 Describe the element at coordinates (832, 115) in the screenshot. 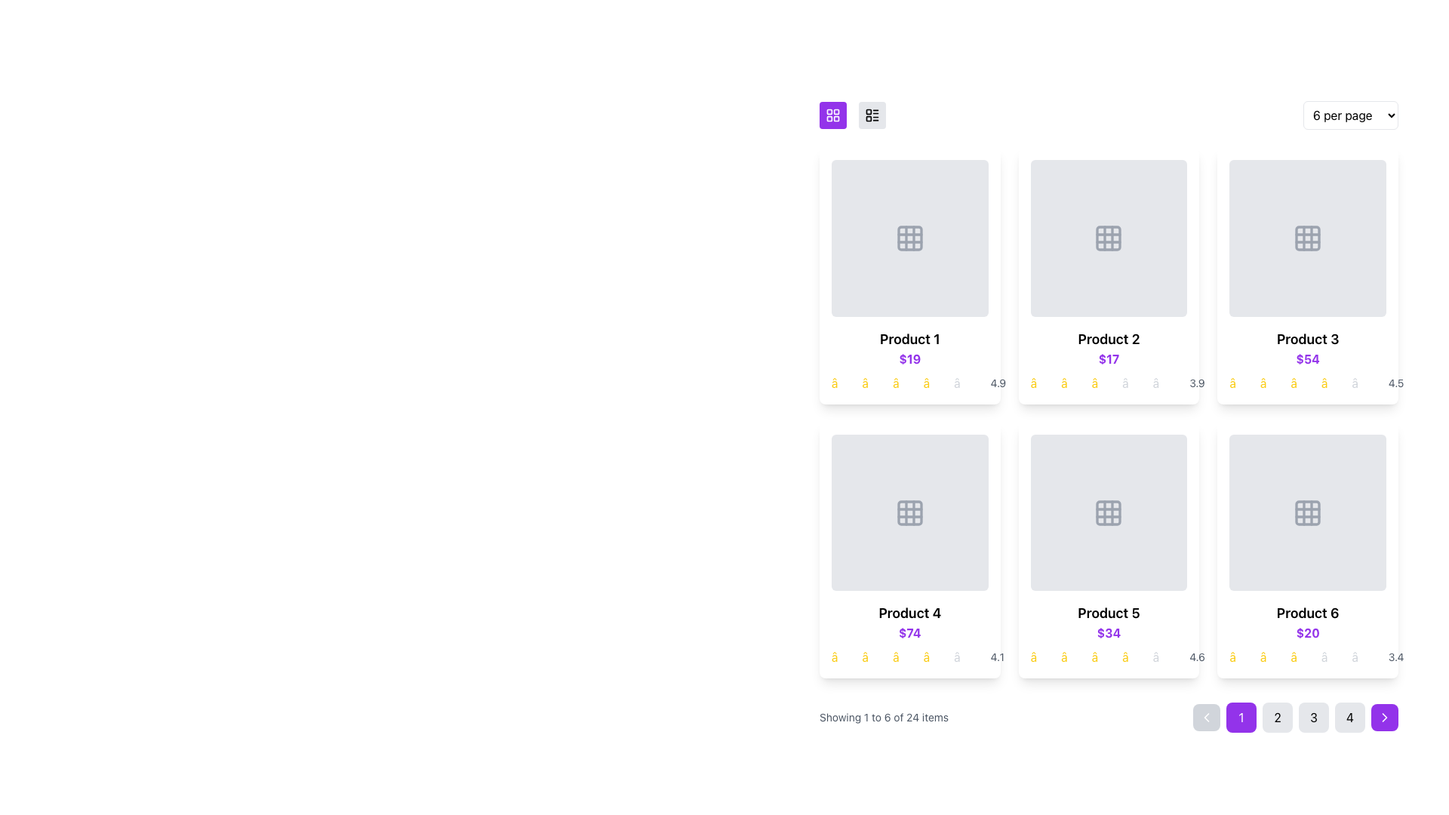

I see `the grid layout toggle icon in the upper-left corner of the product listing area to switch the display mode to grid layout` at that location.